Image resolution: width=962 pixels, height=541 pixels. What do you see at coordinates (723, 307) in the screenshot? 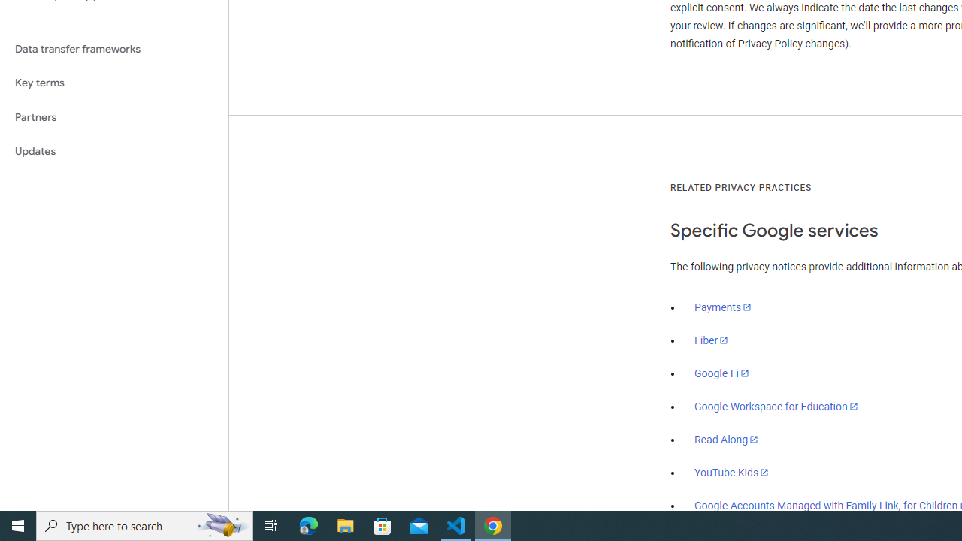
I see `'Payments'` at bounding box center [723, 307].